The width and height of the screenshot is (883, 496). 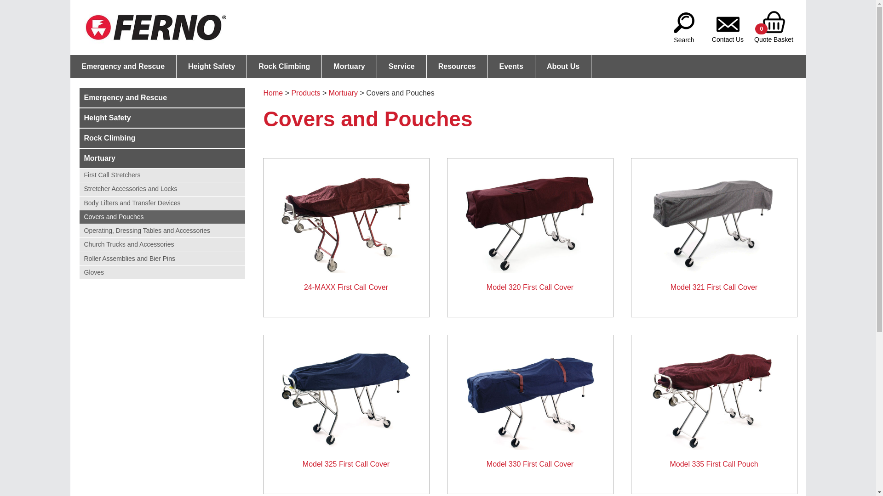 What do you see at coordinates (727, 21) in the screenshot?
I see `'Contact Us'` at bounding box center [727, 21].